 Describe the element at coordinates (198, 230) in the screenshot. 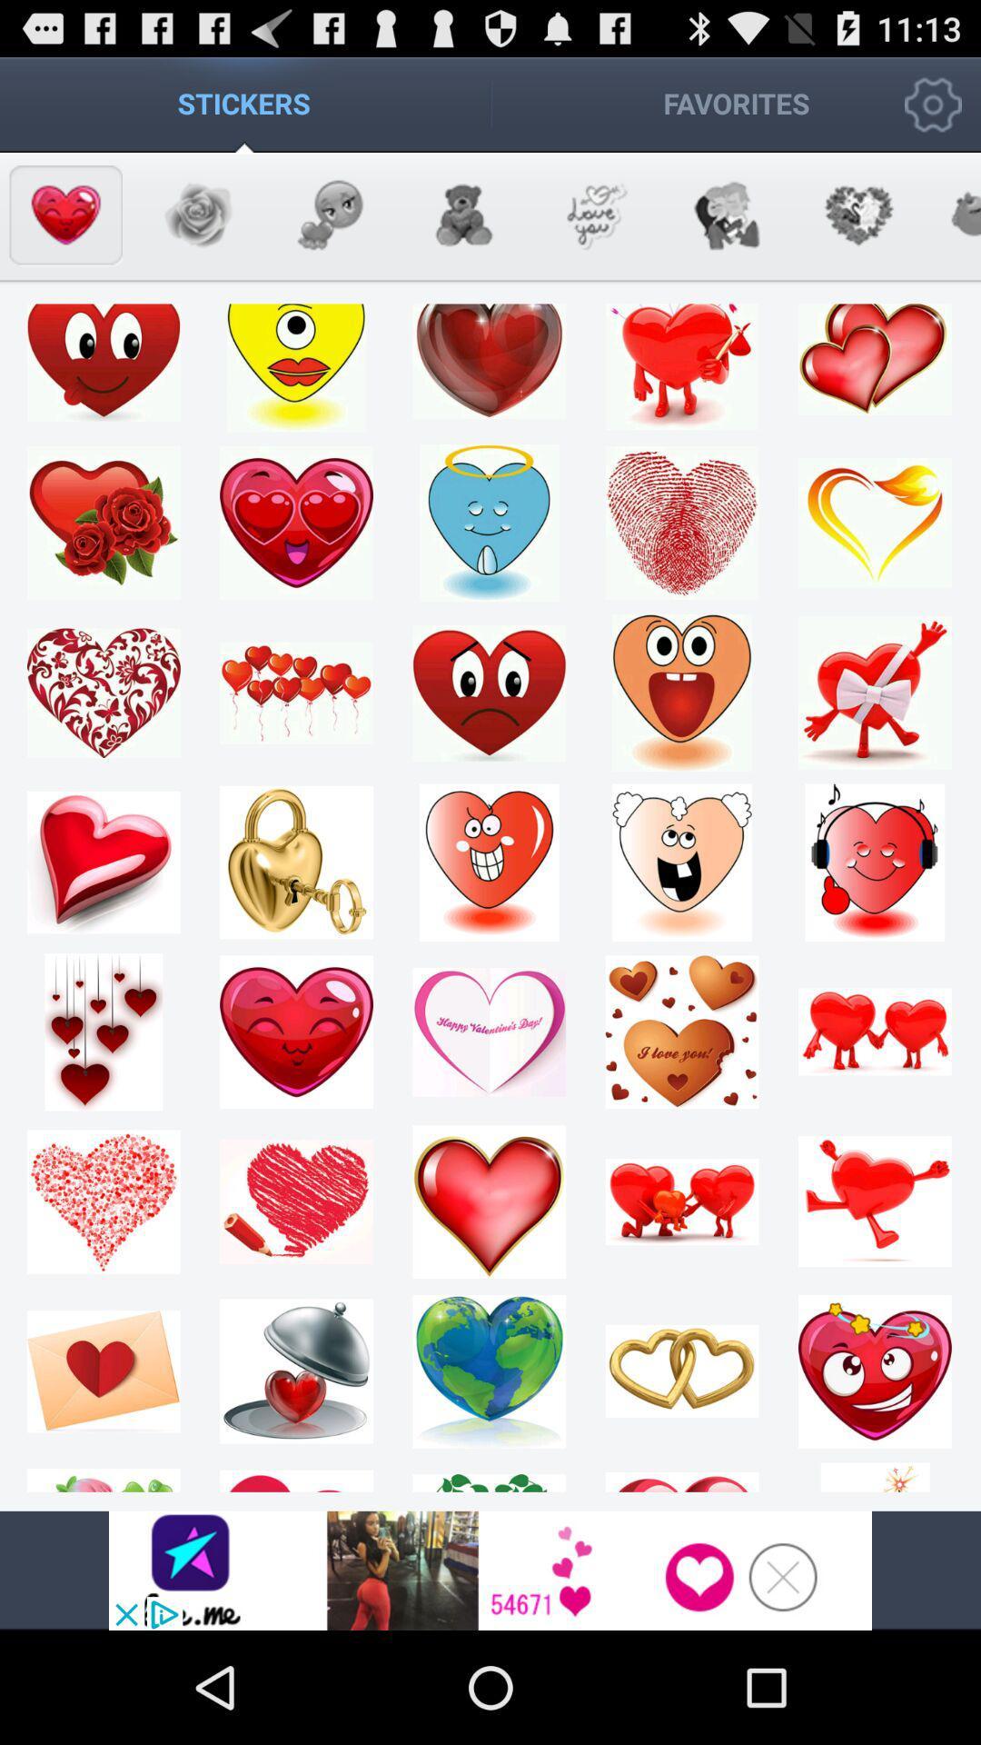

I see `the emoji icon` at that location.